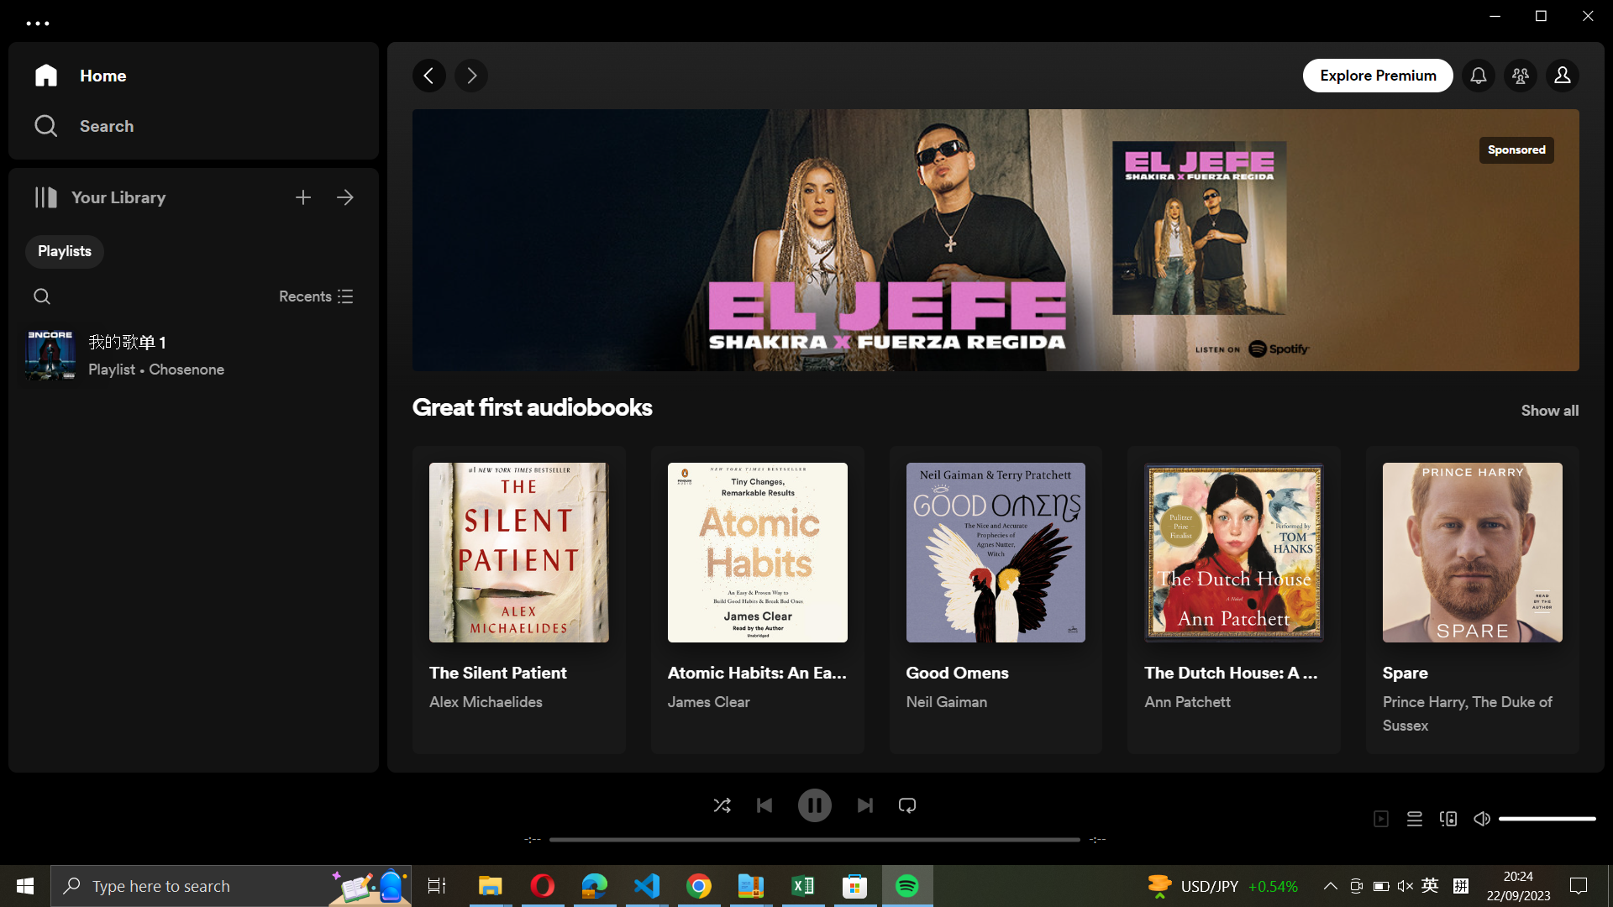 Image resolution: width=1613 pixels, height=907 pixels. I want to click on Close recent audiobooks, so click(316, 294).